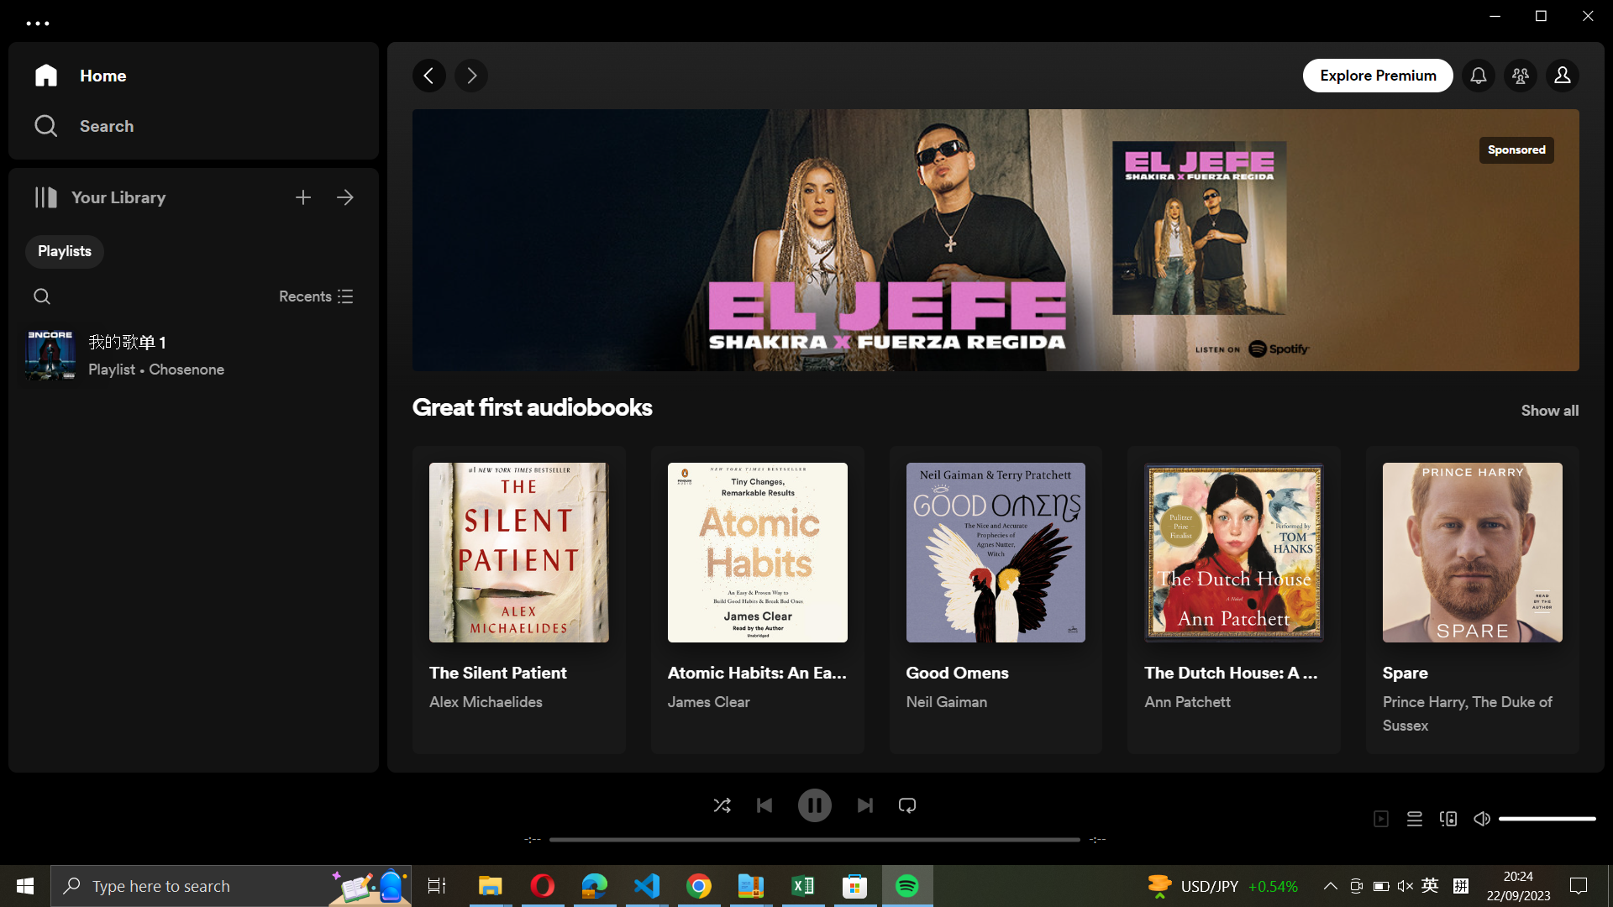 Image resolution: width=1613 pixels, height=907 pixels. I want to click on Close recent audiobooks, so click(316, 294).